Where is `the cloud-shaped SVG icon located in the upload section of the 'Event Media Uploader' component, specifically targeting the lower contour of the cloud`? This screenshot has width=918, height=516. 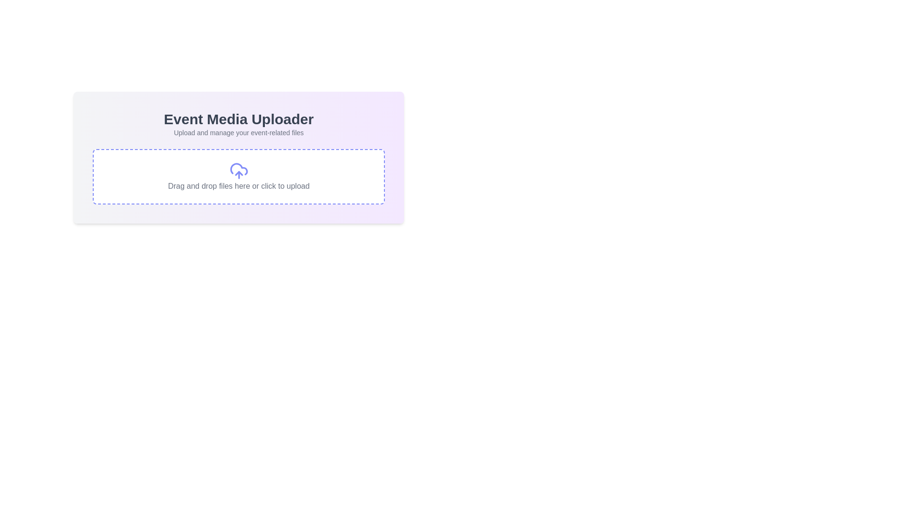 the cloud-shaped SVG icon located in the upload section of the 'Event Media Uploader' component, specifically targeting the lower contour of the cloud is located at coordinates (239, 169).